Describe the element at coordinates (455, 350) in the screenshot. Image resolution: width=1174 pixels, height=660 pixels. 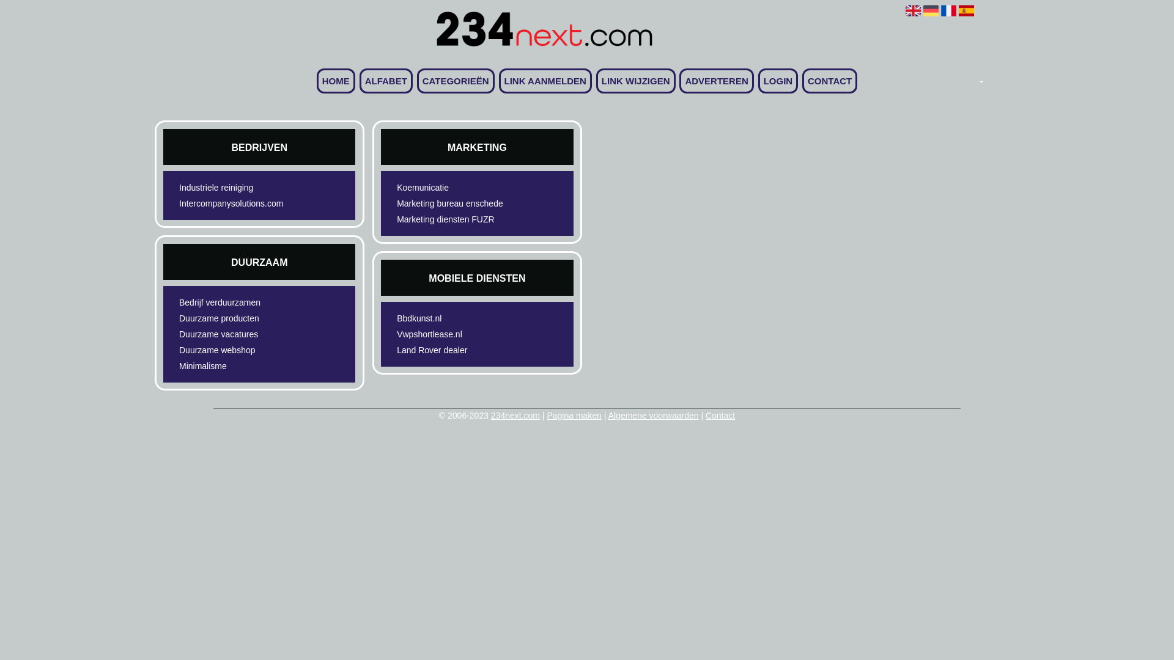
I see `'Land Rover dealer'` at that location.